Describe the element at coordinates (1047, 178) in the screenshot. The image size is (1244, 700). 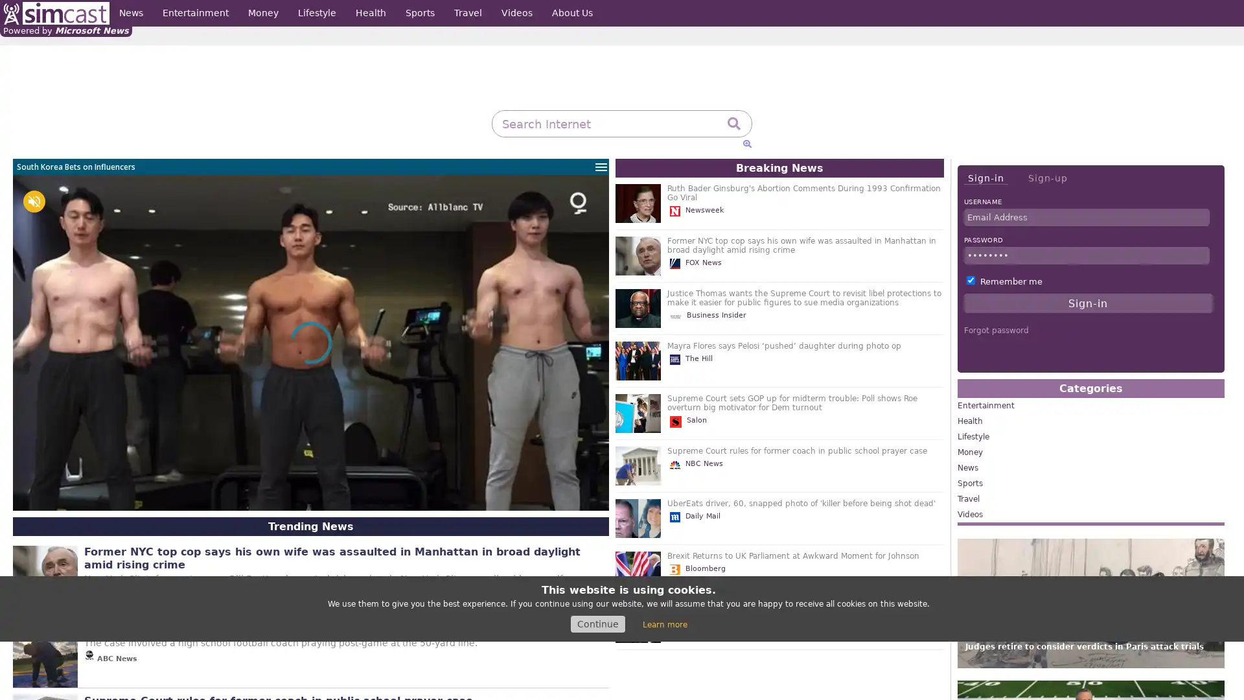
I see `Sign-up` at that location.